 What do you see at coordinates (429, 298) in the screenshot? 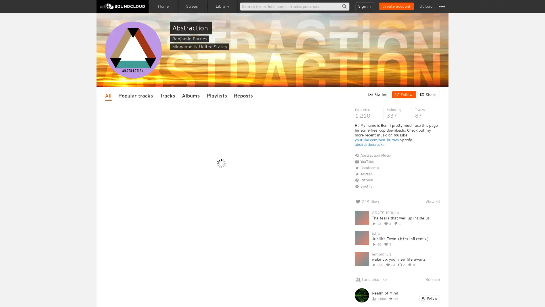
I see `Follow` at bounding box center [429, 298].